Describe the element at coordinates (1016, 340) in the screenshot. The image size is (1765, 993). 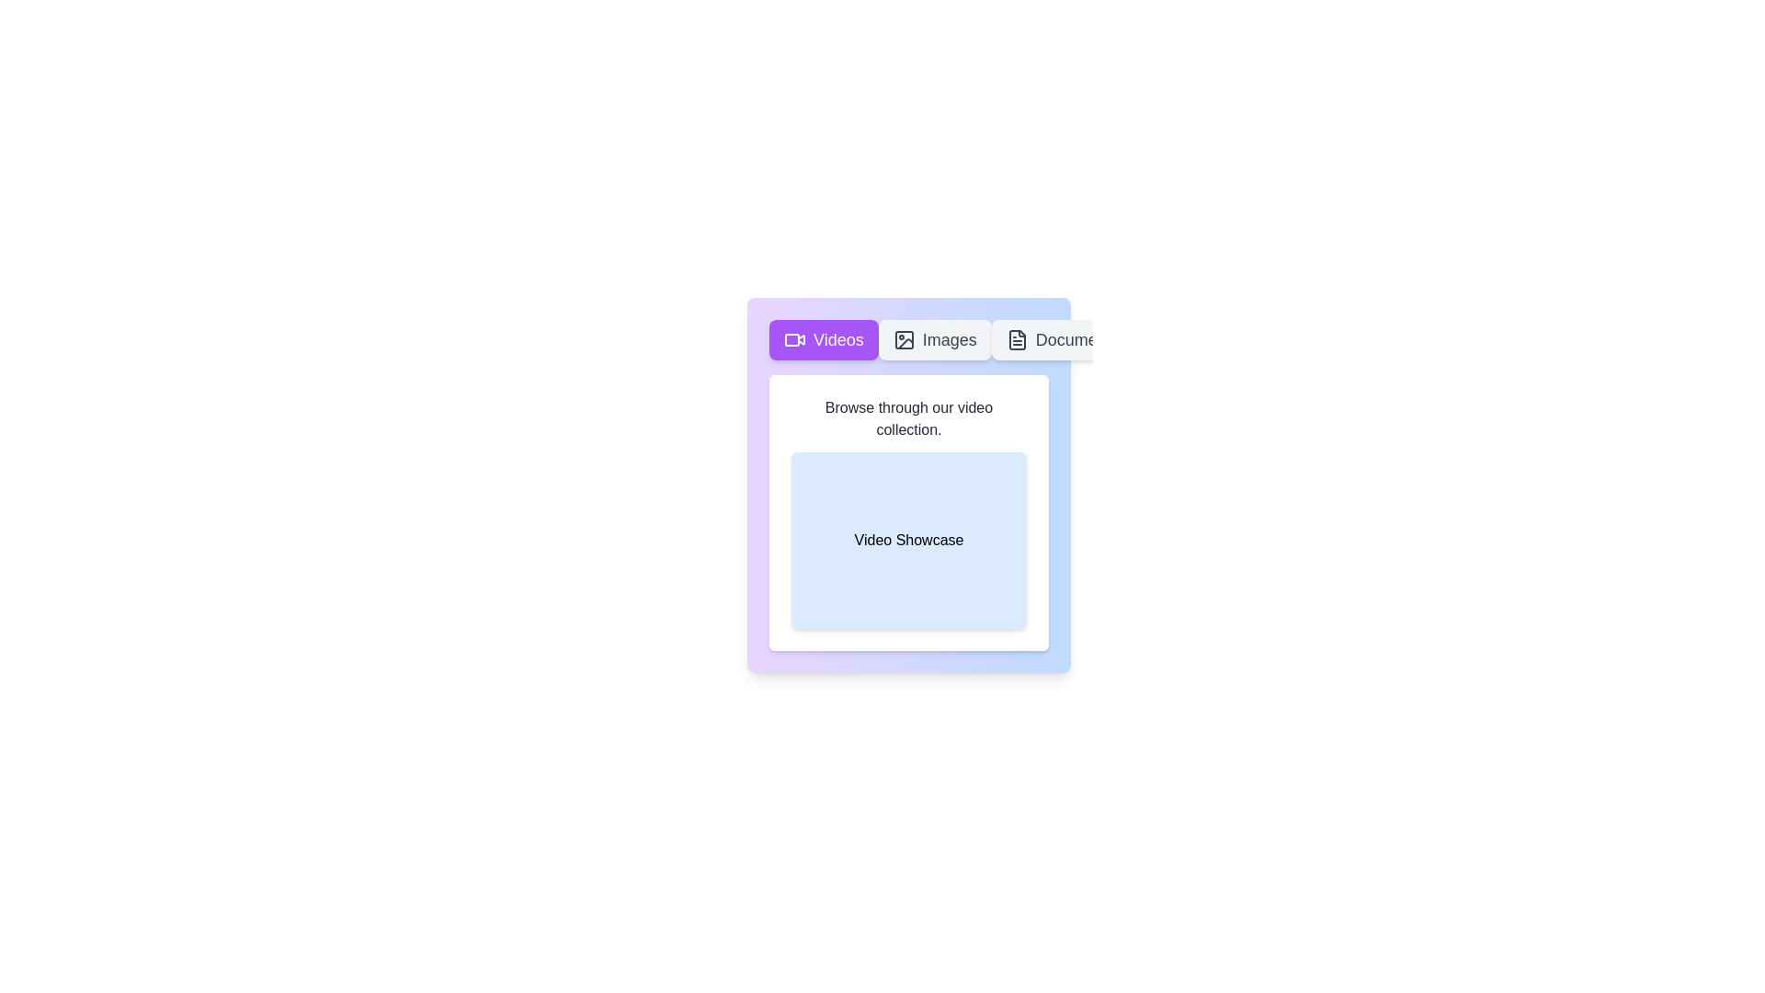
I see `the document icon, which has a white background, a black outline, and a folded corner, located within the navigation bar next to the 'Documents' label` at that location.